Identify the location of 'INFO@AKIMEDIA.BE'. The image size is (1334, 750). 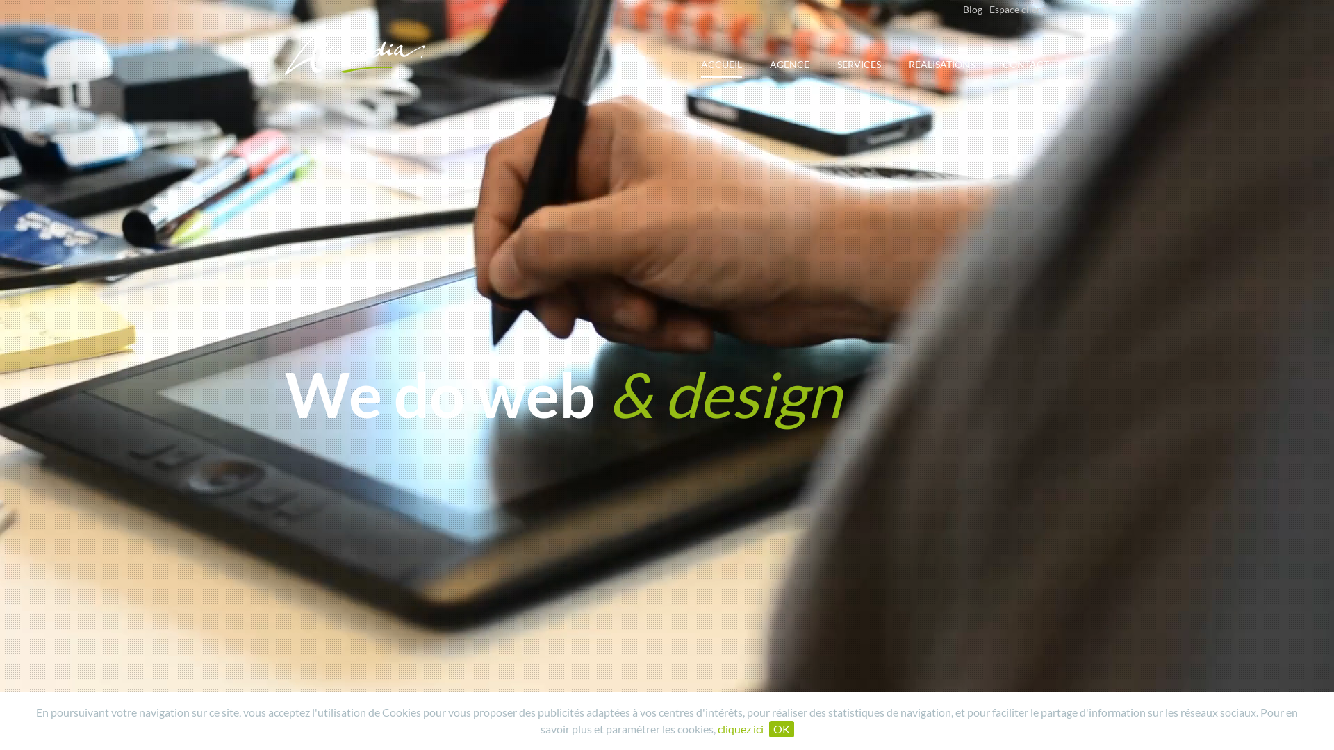
(283, 721).